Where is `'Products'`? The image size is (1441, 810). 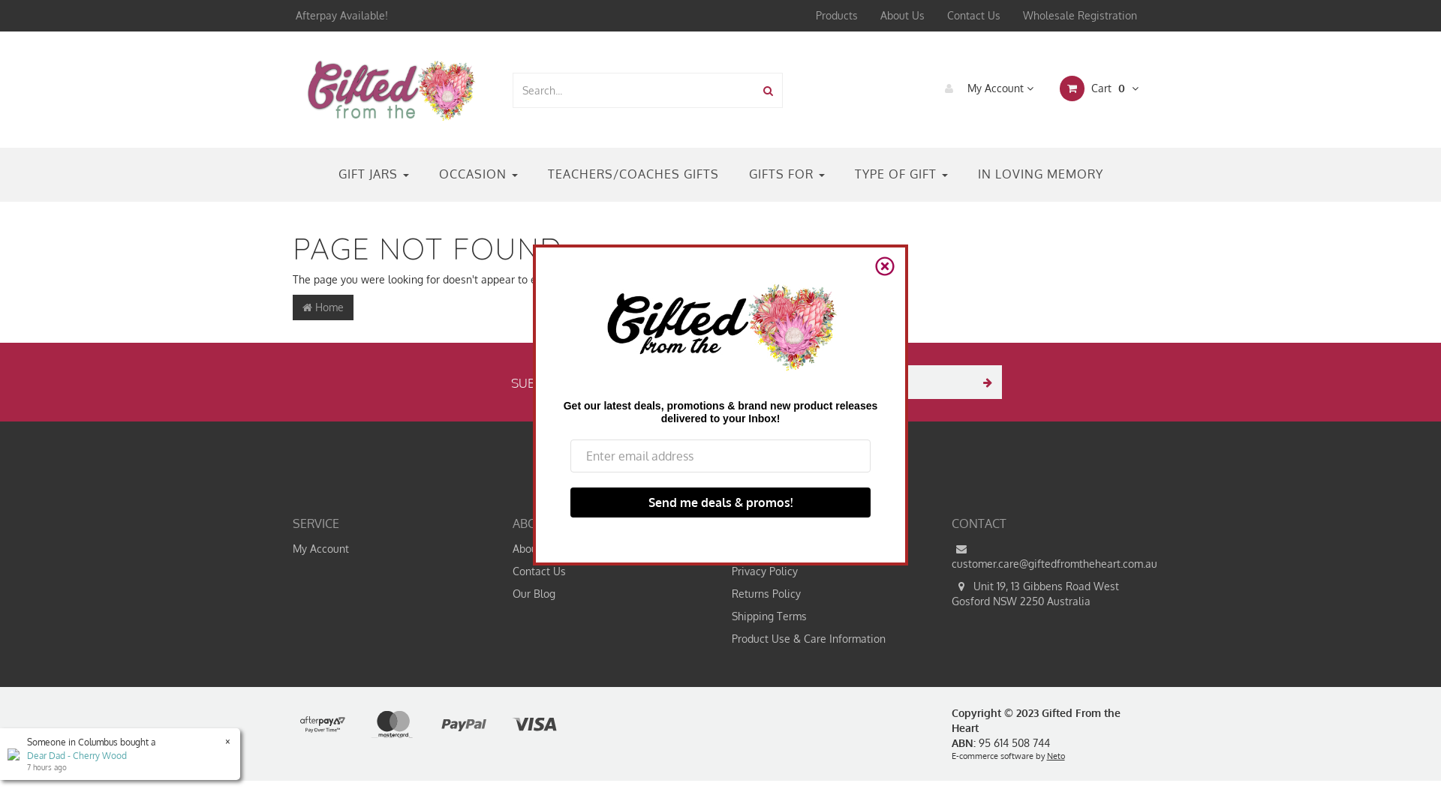
'Products' is located at coordinates (835, 15).